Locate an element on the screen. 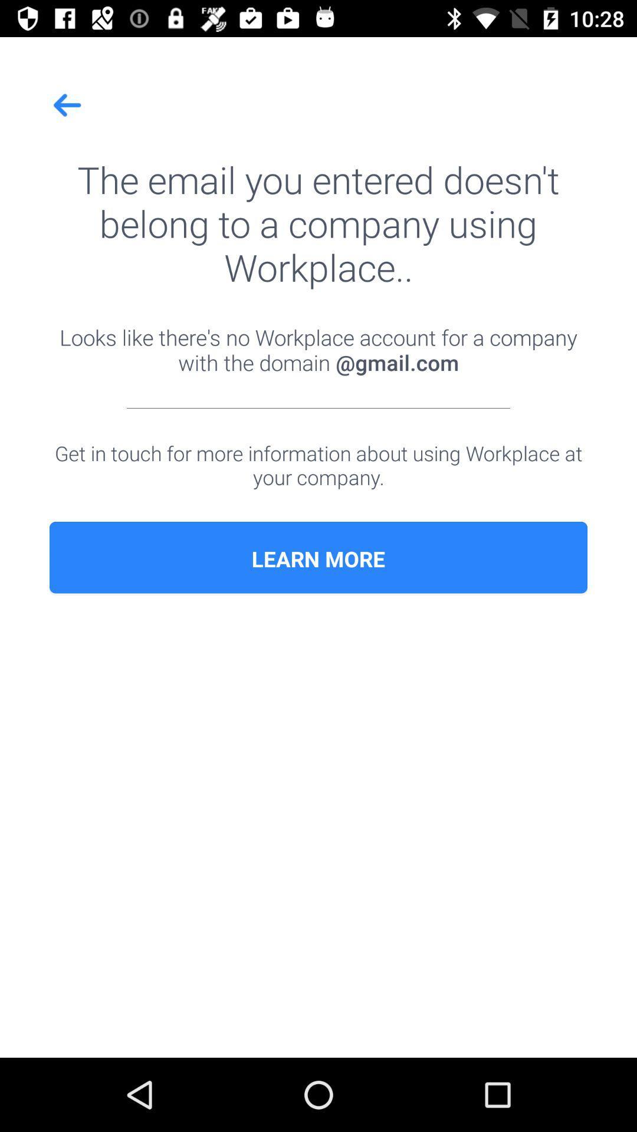 The width and height of the screenshot is (637, 1132). the item above the email you item is located at coordinates (68, 105).